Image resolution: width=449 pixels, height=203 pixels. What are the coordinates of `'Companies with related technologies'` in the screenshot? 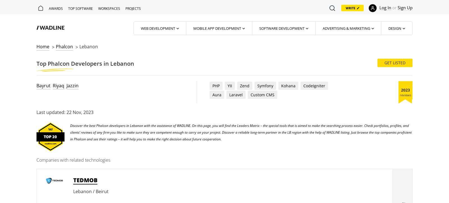 It's located at (73, 159).